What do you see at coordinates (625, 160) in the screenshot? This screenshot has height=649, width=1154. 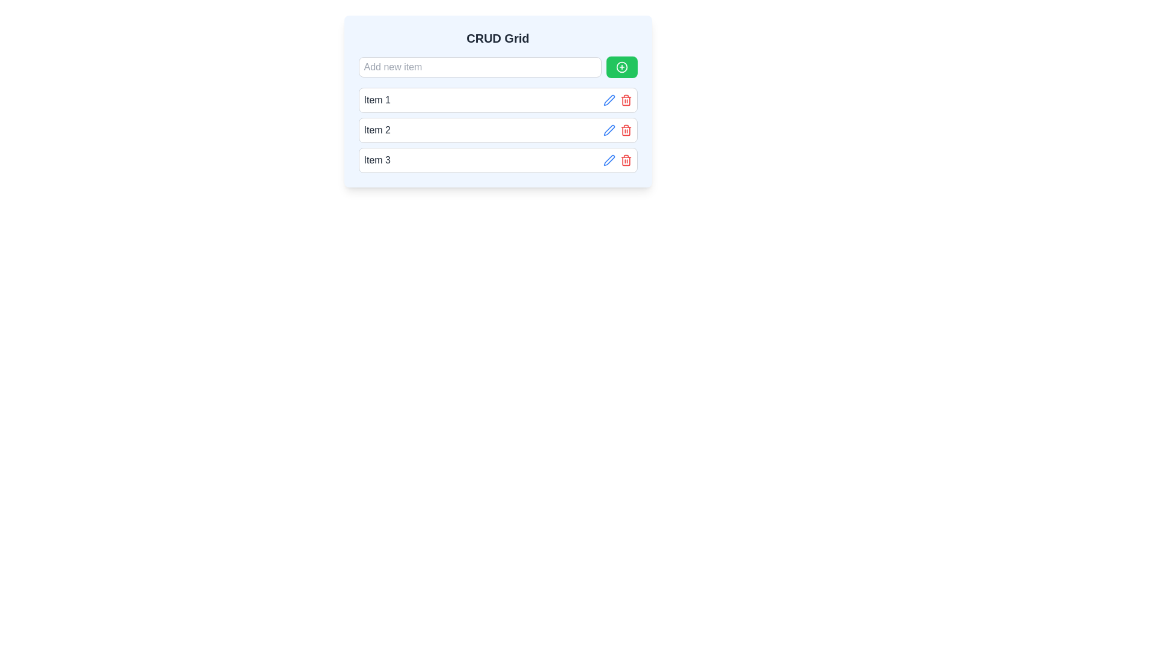 I see `the trash can icon, which features a vertical line component as part of its design` at bounding box center [625, 160].